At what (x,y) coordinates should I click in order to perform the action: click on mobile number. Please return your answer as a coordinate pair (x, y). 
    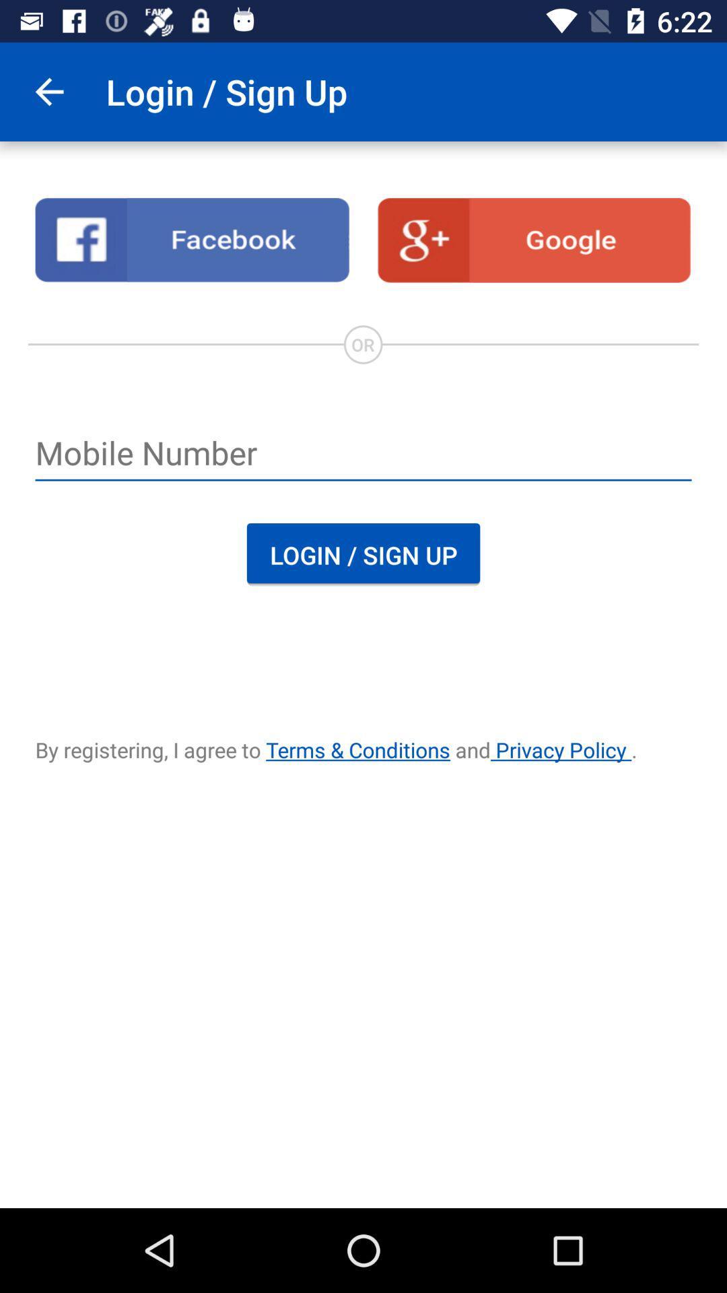
    Looking at the image, I should click on (363, 455).